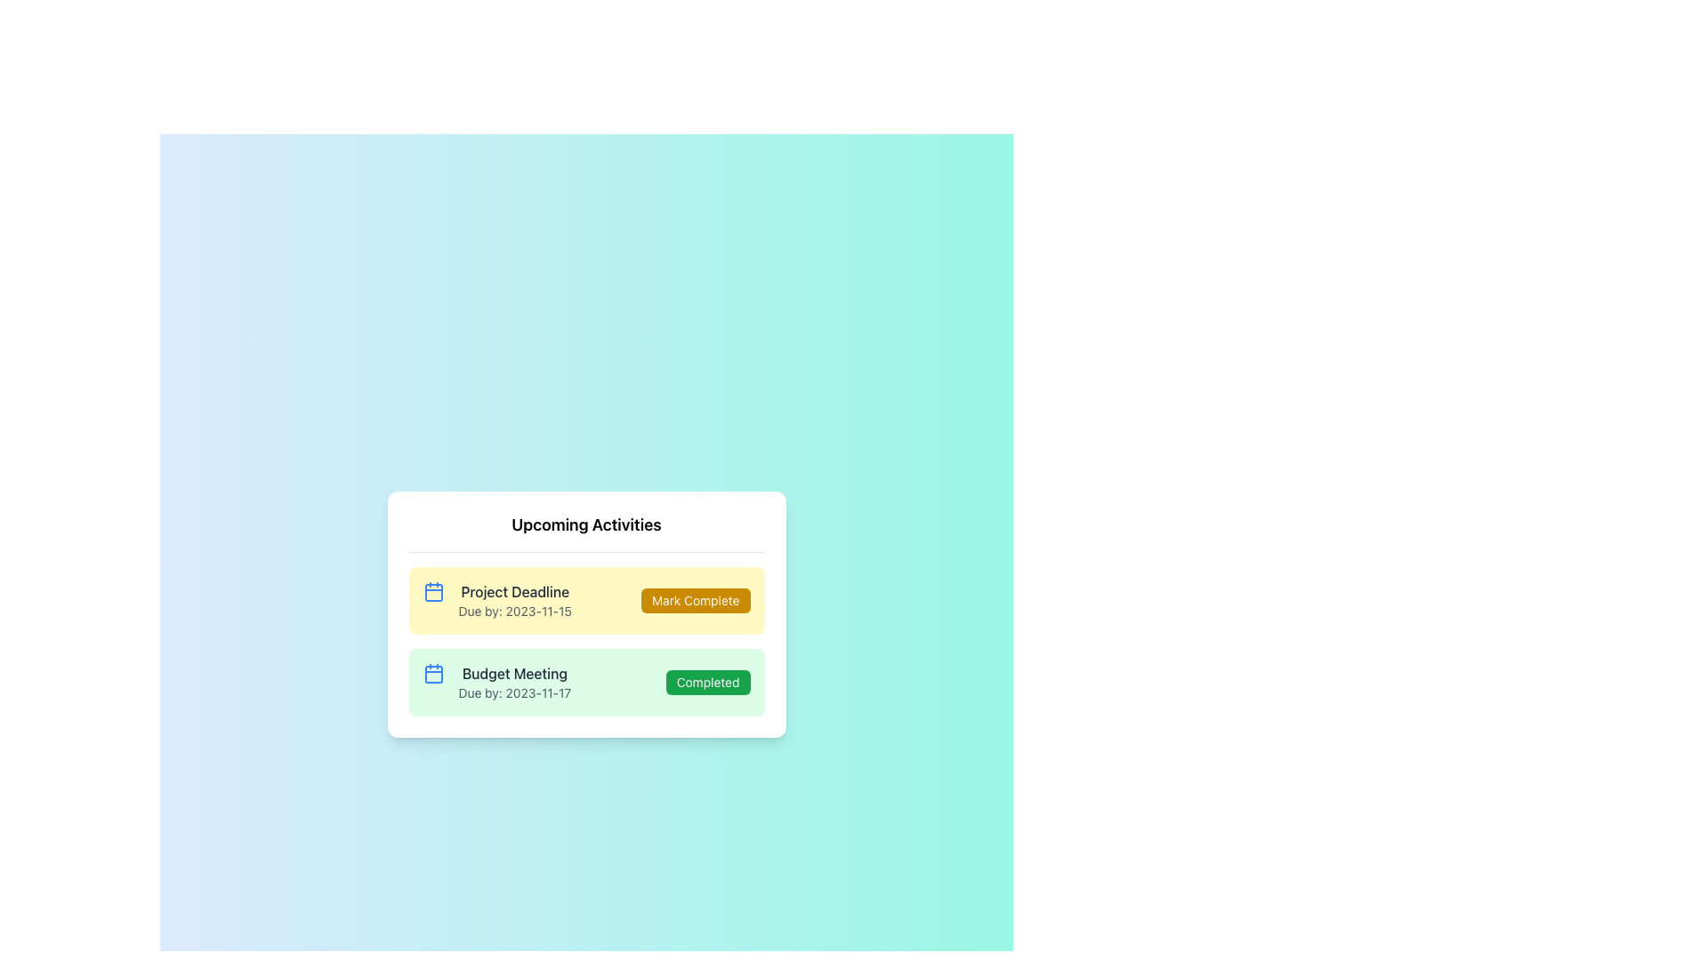  What do you see at coordinates (514, 610) in the screenshot?
I see `the text label displaying 'Due by: 2023-11-15', which is located below the 'Project Deadline' heading in a yellow-highlighted section, to the left of the 'Mark Complete' button` at bounding box center [514, 610].